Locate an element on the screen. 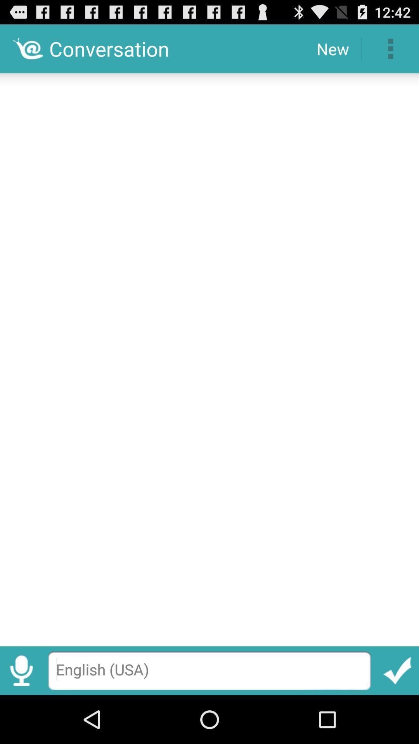 The width and height of the screenshot is (419, 744). the new icon is located at coordinates (332, 48).